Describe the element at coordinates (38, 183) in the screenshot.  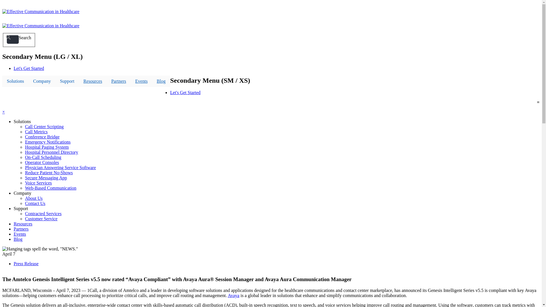
I see `'Voice Services'` at that location.